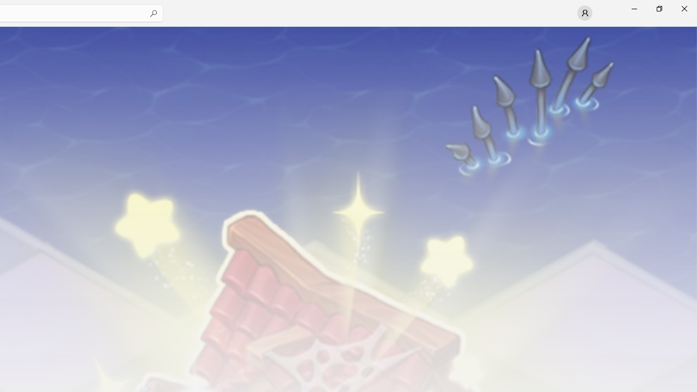  I want to click on 'Restore Microsoft Store', so click(658, 8).